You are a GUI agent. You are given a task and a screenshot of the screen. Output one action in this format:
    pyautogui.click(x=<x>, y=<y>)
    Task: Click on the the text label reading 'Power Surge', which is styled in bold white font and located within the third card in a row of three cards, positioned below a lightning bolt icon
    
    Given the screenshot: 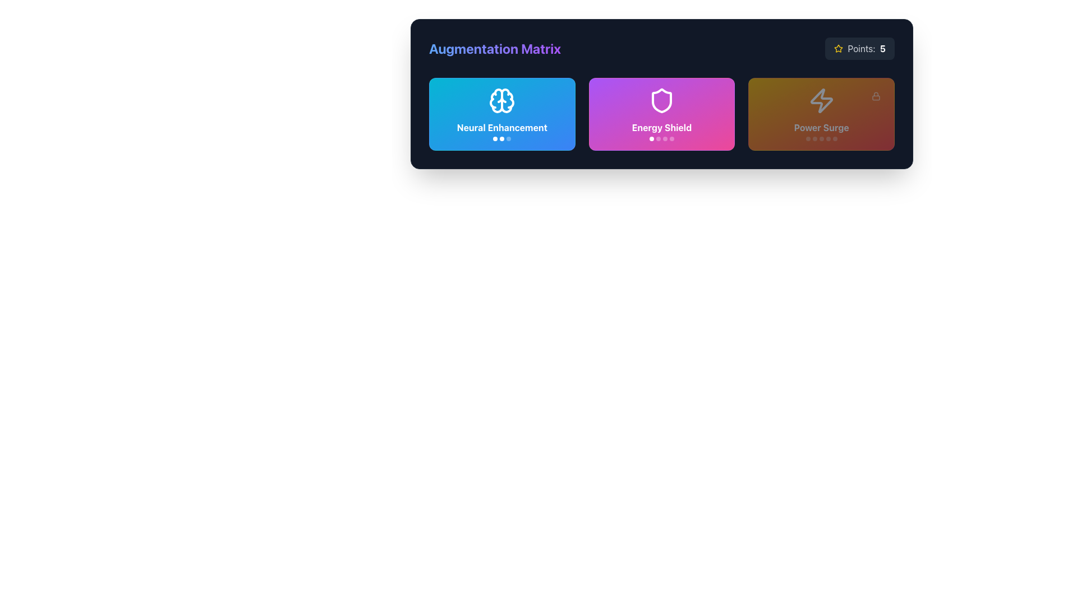 What is the action you would take?
    pyautogui.click(x=821, y=127)
    